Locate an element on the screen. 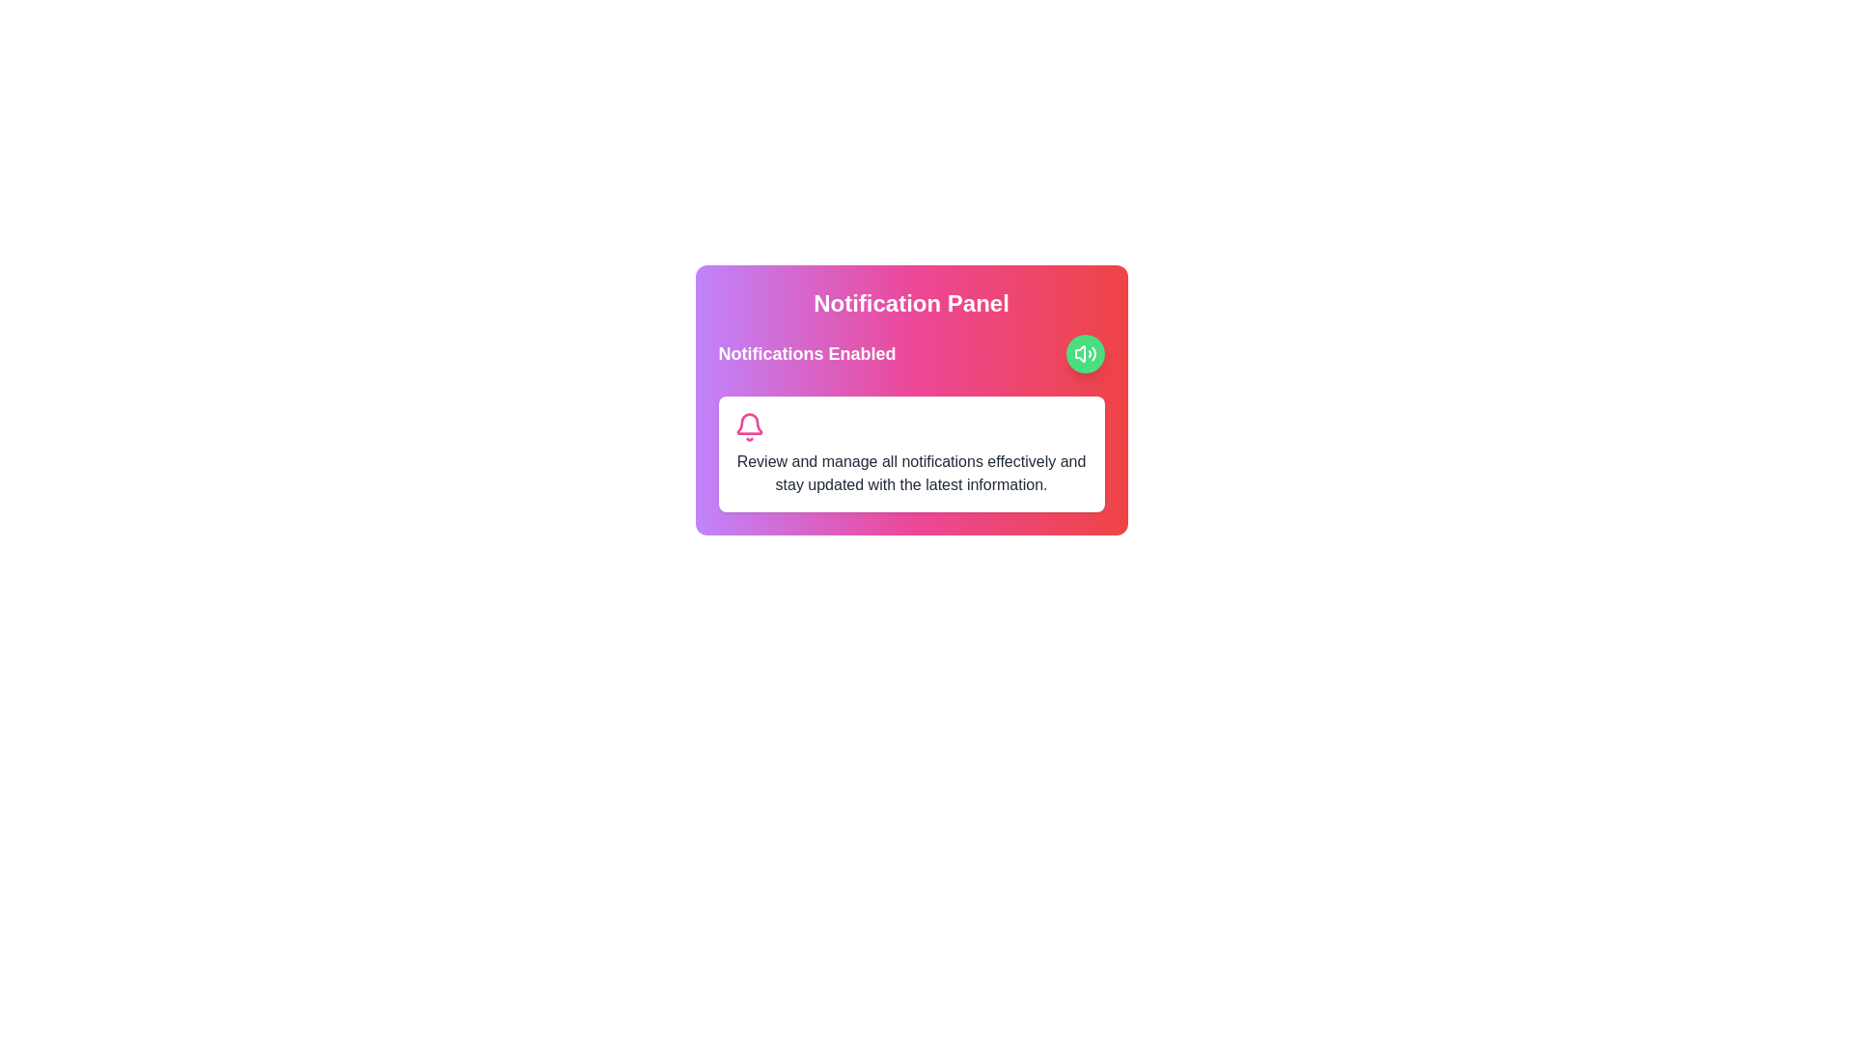 The image size is (1853, 1042). the Notification Panel card, which features a gradient background from purple to pink to red, and contains a title in white bold text and a bell icon for notification management is located at coordinates (910, 399).